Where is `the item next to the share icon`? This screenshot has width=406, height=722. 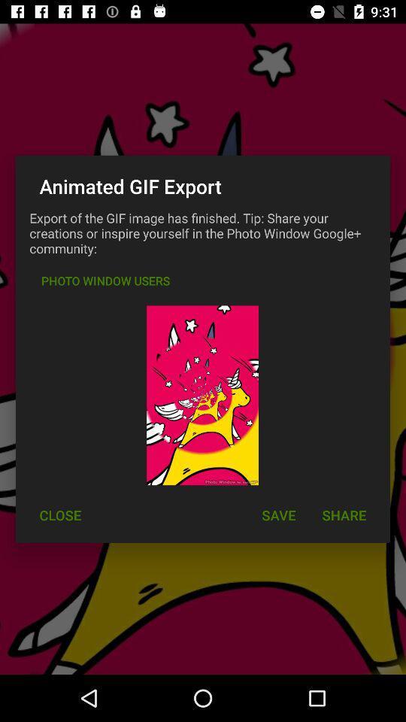 the item next to the share icon is located at coordinates (277, 515).